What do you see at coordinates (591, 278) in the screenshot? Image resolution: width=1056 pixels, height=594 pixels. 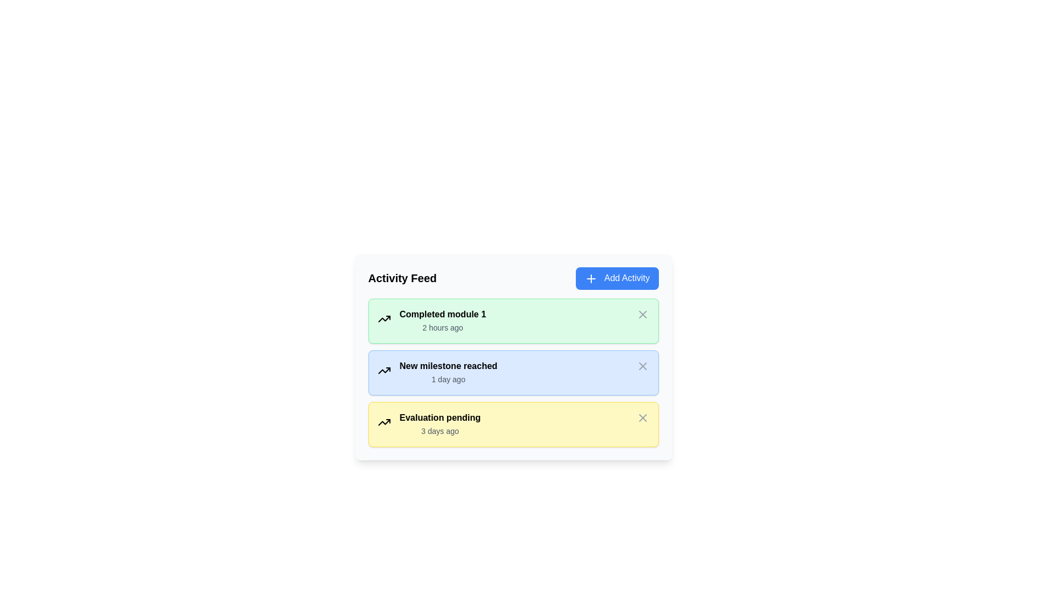 I see `the plus symbol icon, which is part of the 'Add Activity' button located in the top-right corner of the 'Activity Feed' section` at bounding box center [591, 278].